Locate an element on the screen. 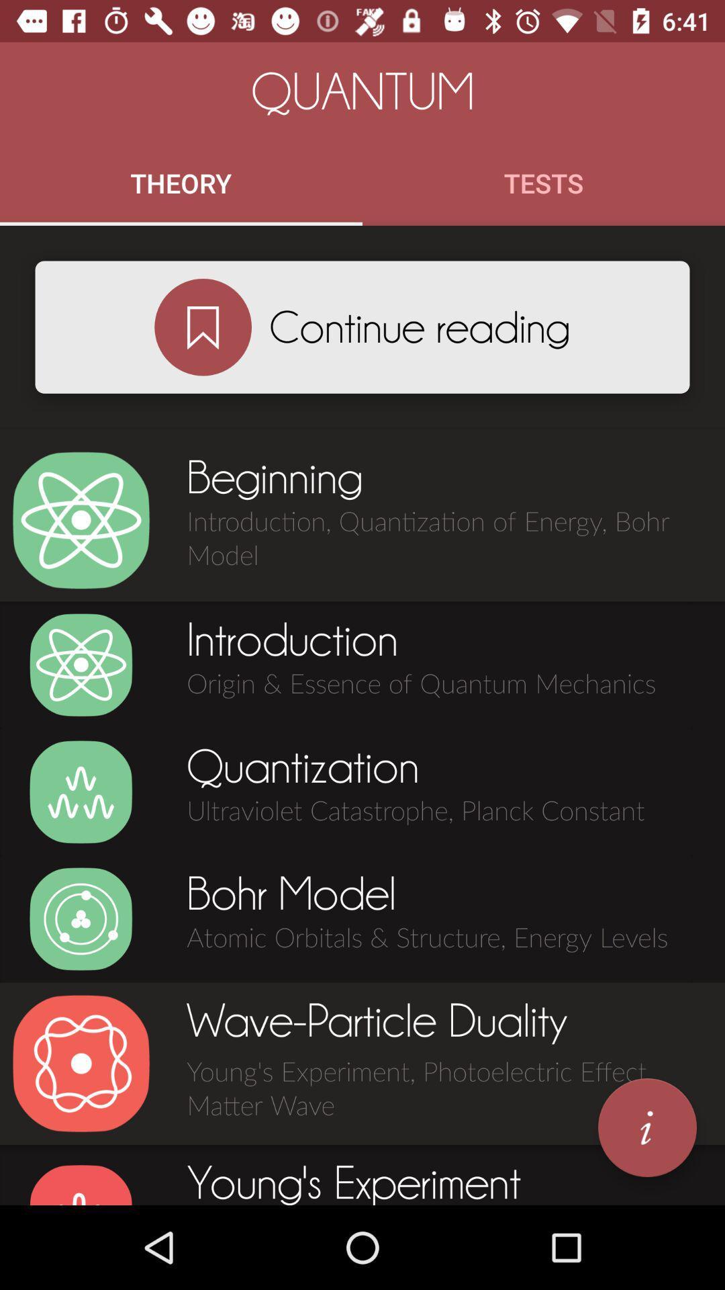 The image size is (725, 1290). icon at the bottom right corner is located at coordinates (646, 1127).